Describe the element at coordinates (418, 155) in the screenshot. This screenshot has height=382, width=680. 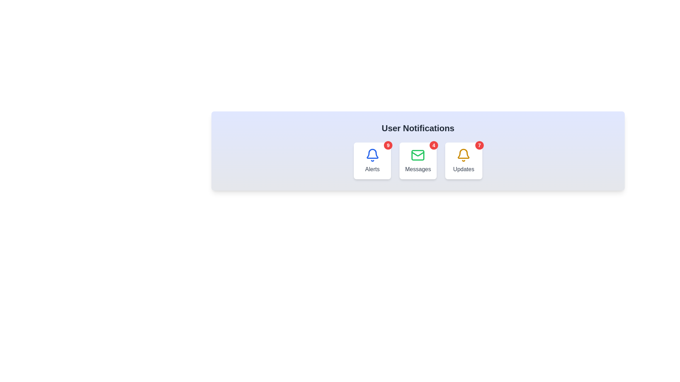
I see `the message icon located at the center of the 'Messages' card in the 'User Notifications' section` at that location.